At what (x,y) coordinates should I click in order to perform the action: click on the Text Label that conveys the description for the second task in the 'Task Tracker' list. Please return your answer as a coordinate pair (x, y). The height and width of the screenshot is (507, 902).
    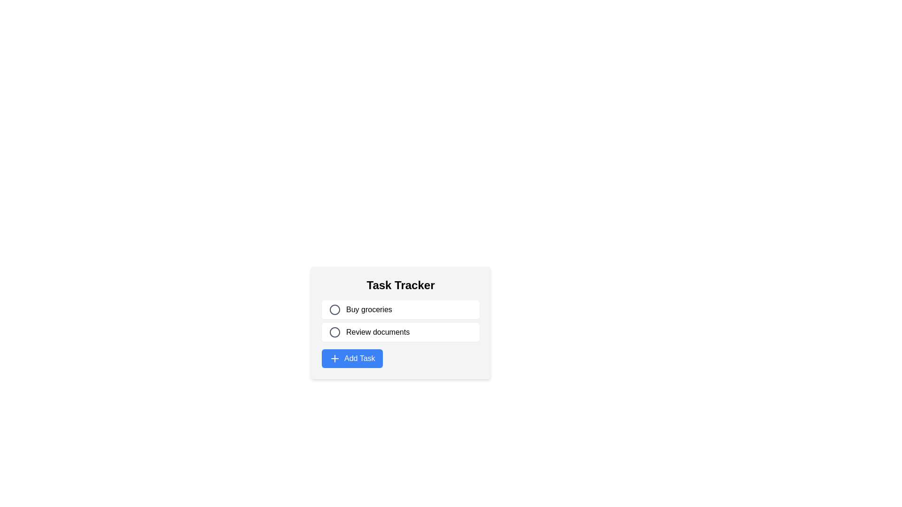
    Looking at the image, I should click on (378, 332).